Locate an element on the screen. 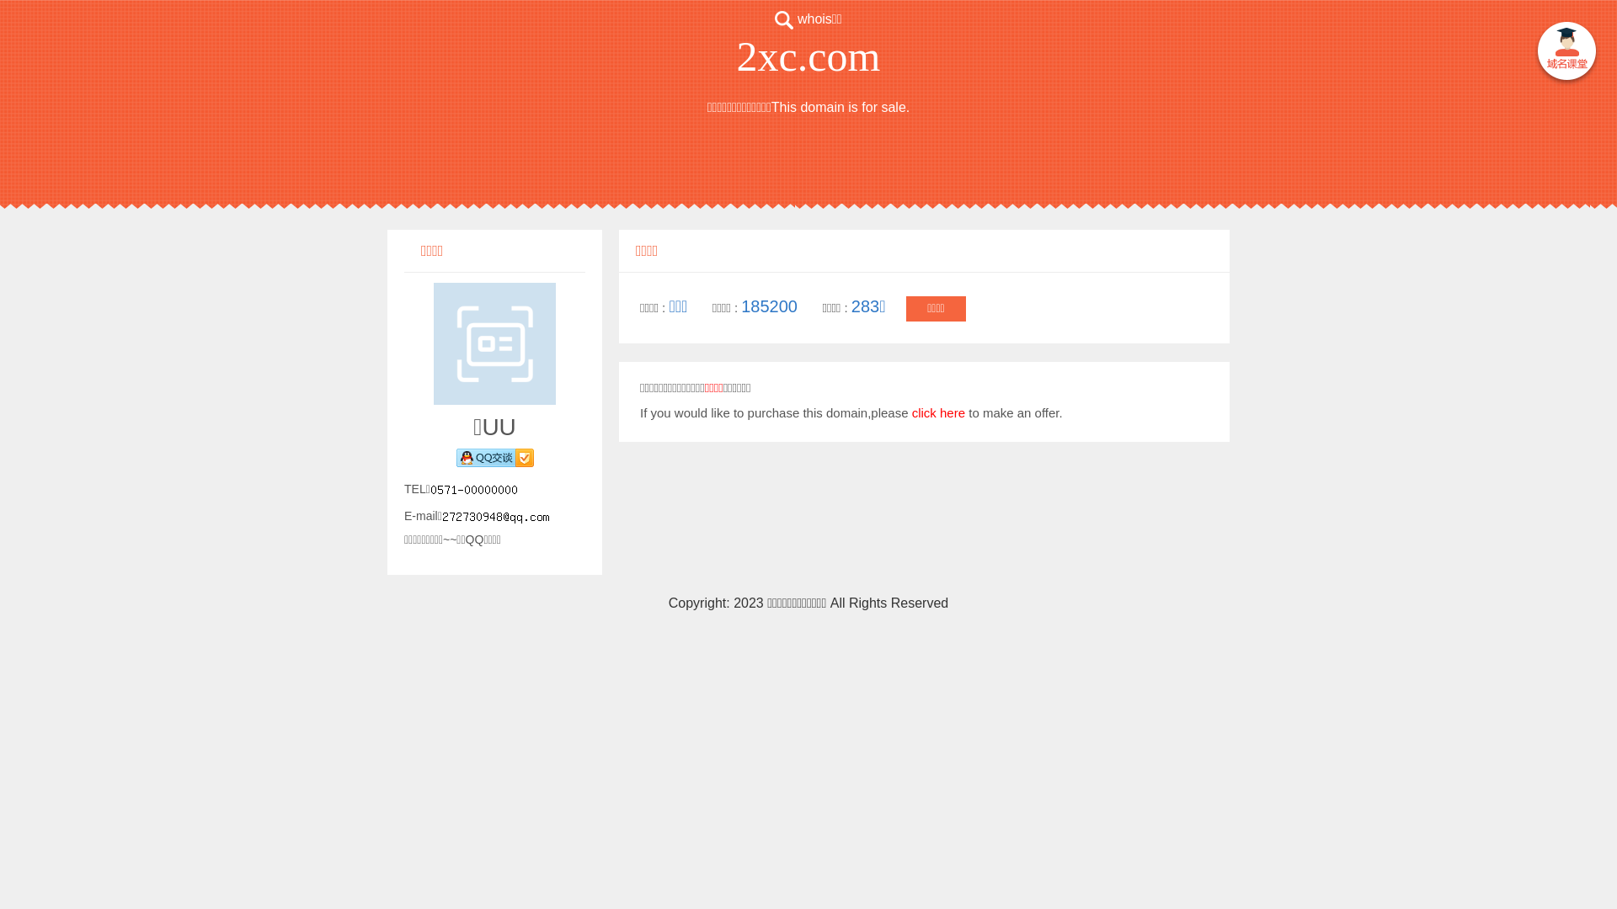 This screenshot has width=1617, height=909. 'click here' is located at coordinates (937, 412).